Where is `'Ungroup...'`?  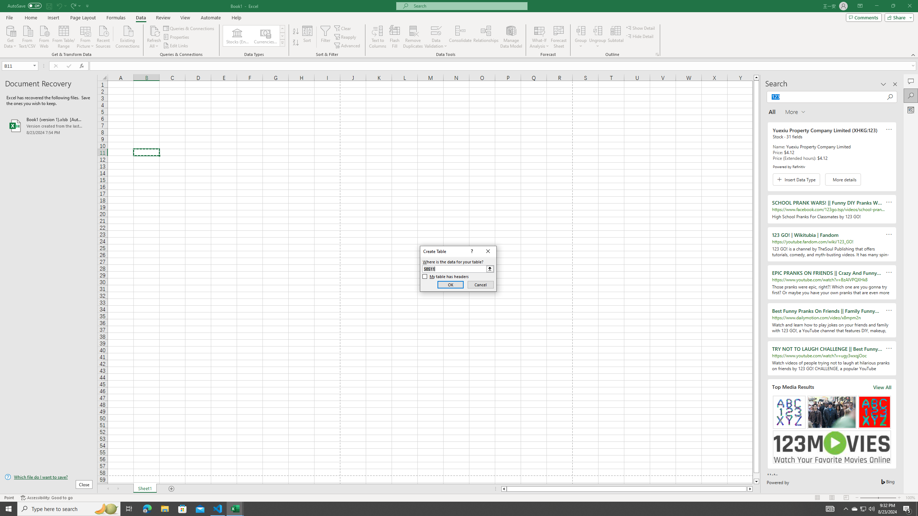 'Ungroup...' is located at coordinates (597, 30).